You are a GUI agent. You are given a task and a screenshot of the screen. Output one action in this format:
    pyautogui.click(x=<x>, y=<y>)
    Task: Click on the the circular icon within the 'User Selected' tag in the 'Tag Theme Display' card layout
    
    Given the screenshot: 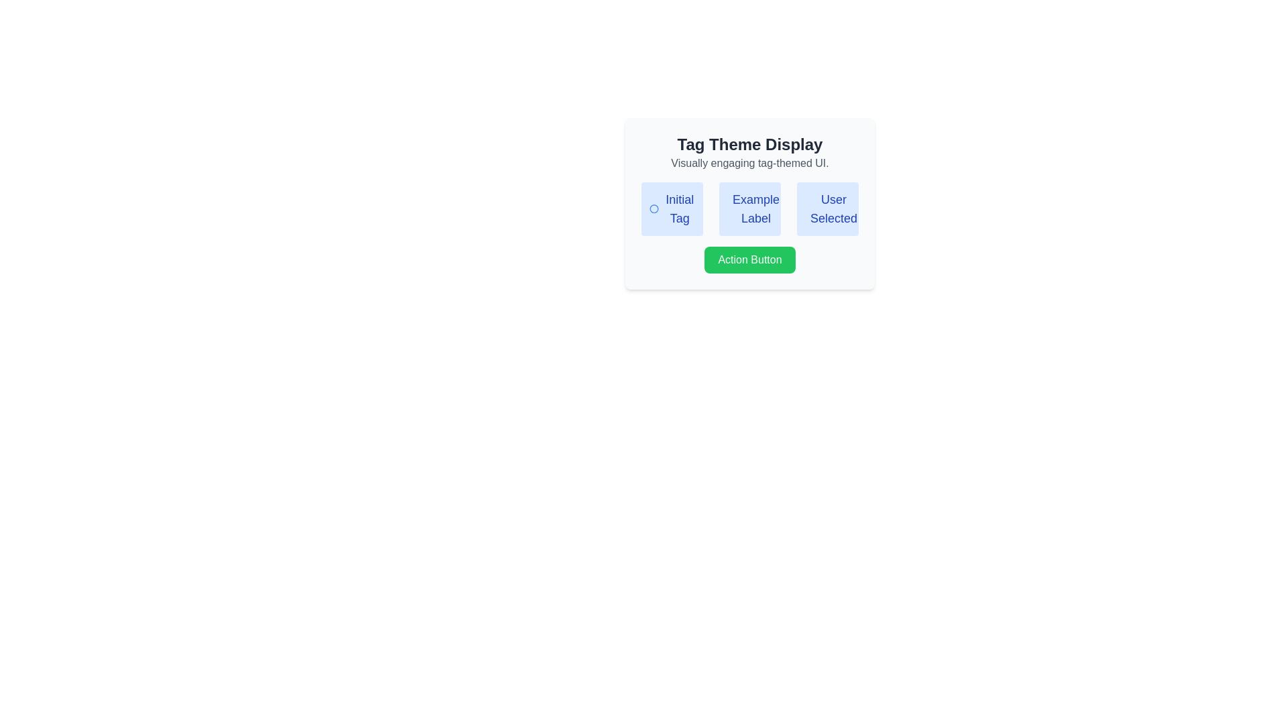 What is the action you would take?
    pyautogui.click(x=812, y=209)
    